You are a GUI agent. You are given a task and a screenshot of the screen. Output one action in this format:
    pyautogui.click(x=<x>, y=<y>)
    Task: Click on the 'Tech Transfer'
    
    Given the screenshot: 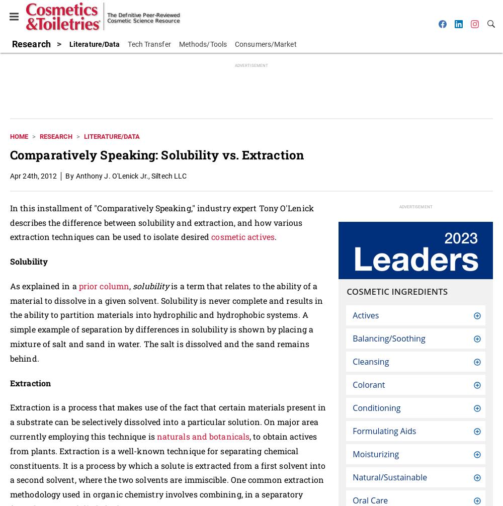 What is the action you would take?
    pyautogui.click(x=149, y=44)
    